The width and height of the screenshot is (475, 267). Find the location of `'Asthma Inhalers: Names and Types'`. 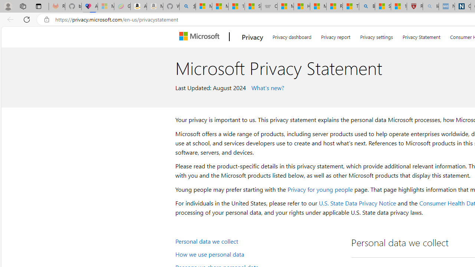

'Asthma Inhalers: Names and Types' is located at coordinates (89, 6).